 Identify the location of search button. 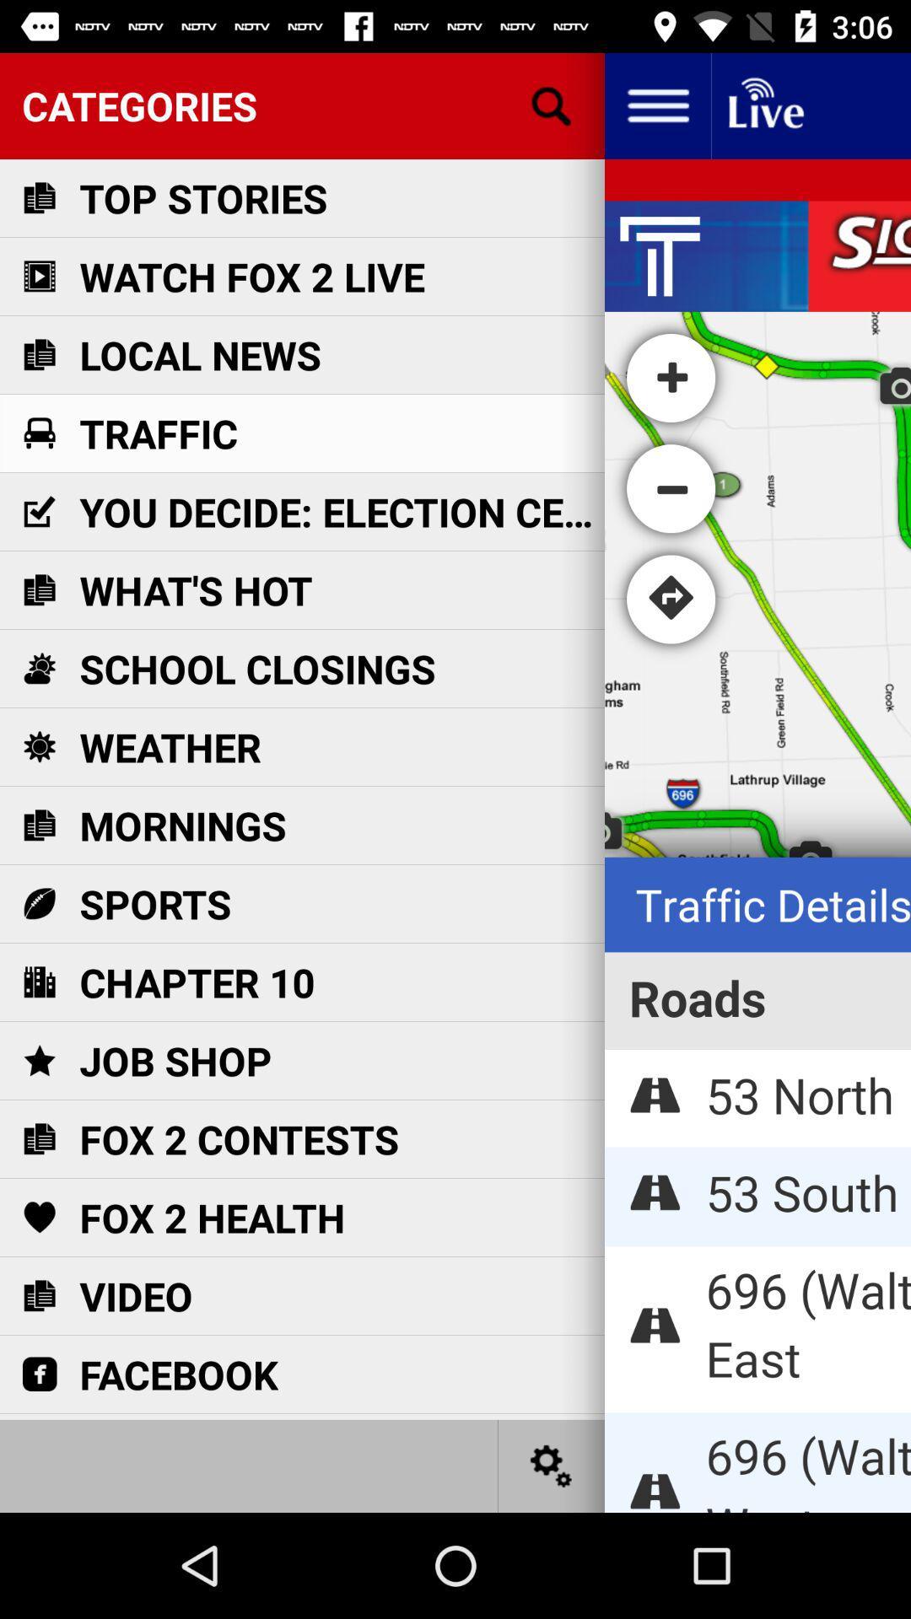
(552, 105).